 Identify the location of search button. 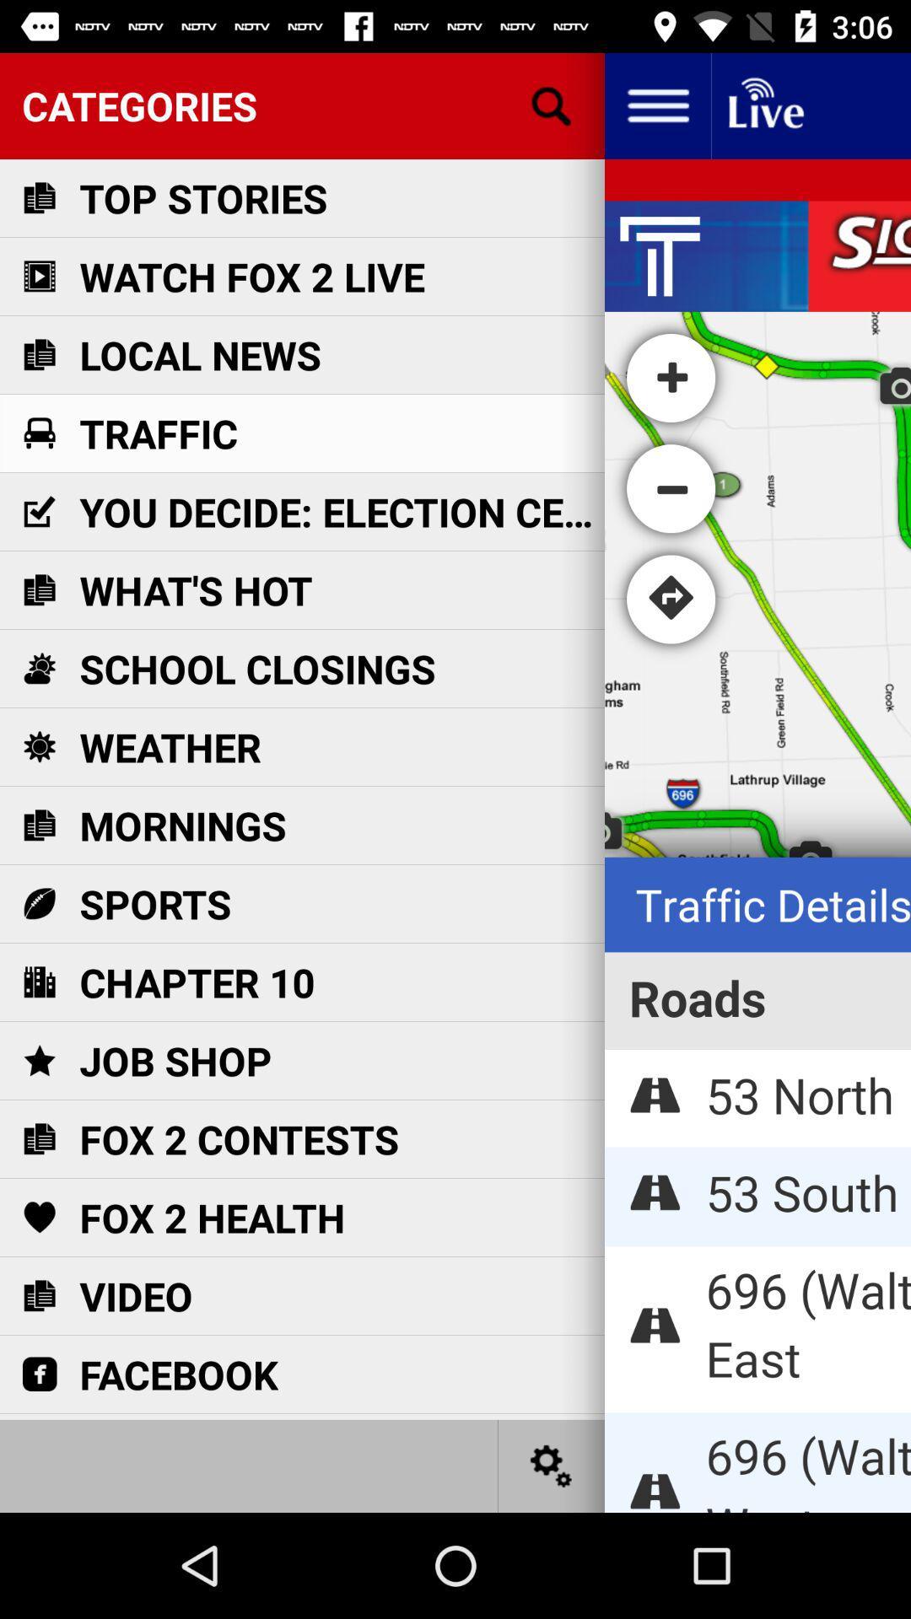
(552, 105).